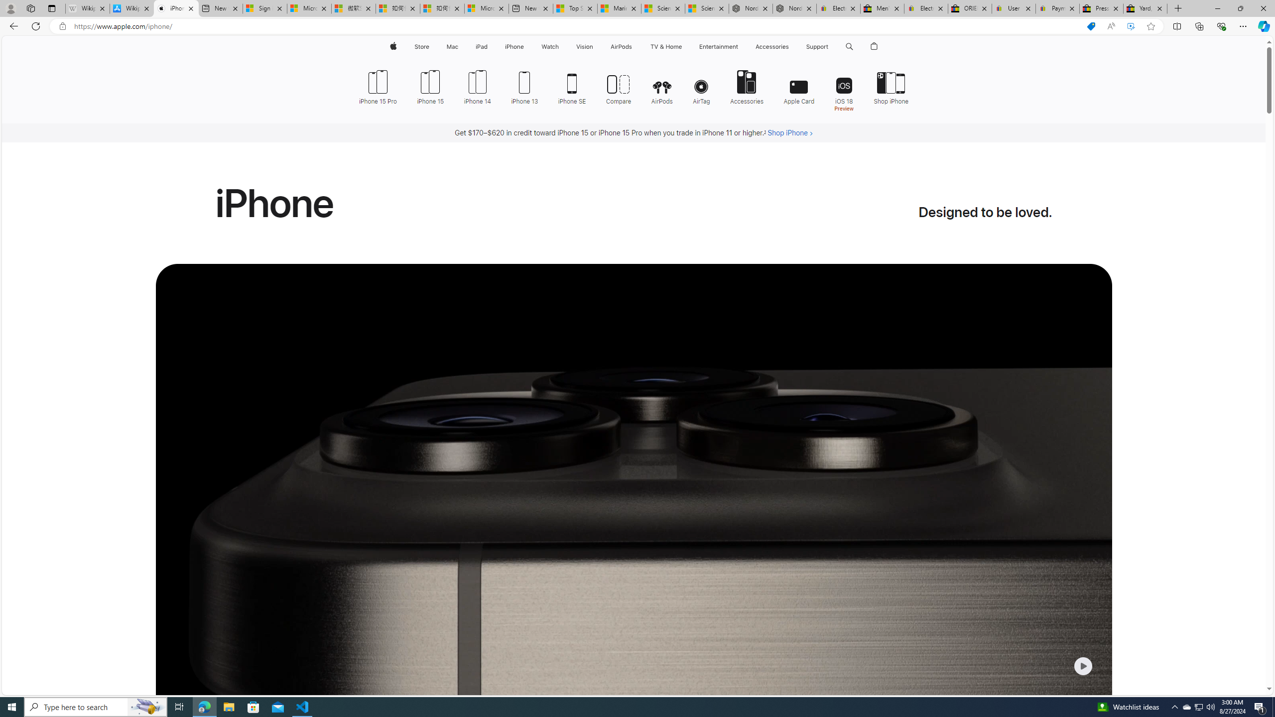 The height and width of the screenshot is (717, 1275). What do you see at coordinates (481, 46) in the screenshot?
I see `'iPad'` at bounding box center [481, 46].